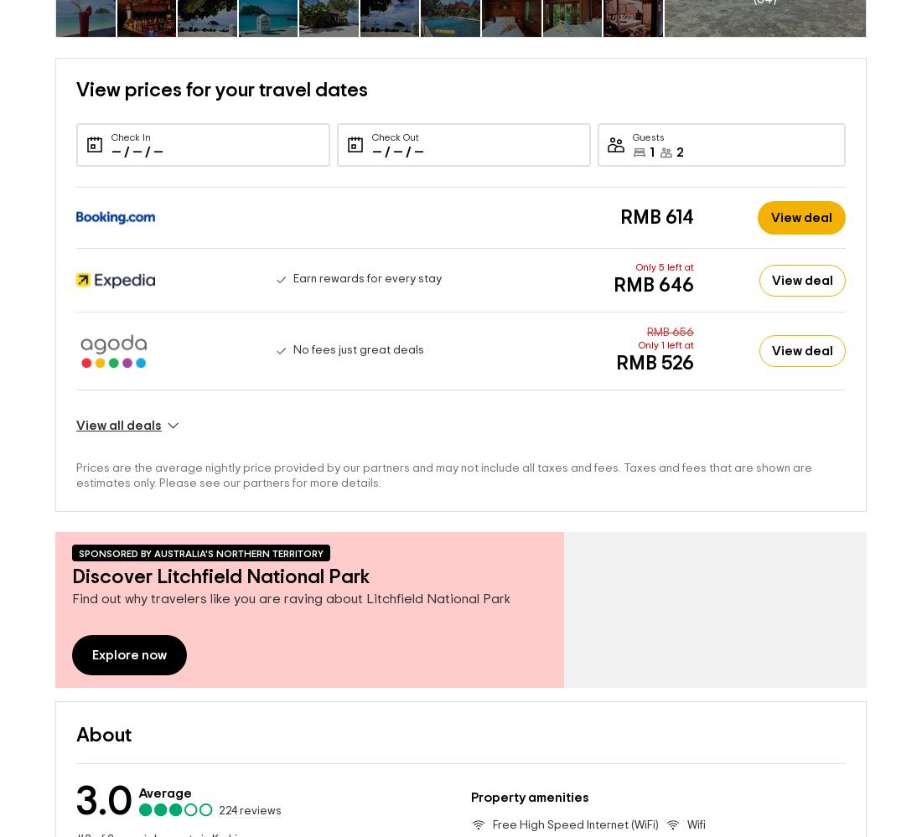 This screenshot has height=837, width=922. I want to click on 'Earn rewards for every stay', so click(365, 251).